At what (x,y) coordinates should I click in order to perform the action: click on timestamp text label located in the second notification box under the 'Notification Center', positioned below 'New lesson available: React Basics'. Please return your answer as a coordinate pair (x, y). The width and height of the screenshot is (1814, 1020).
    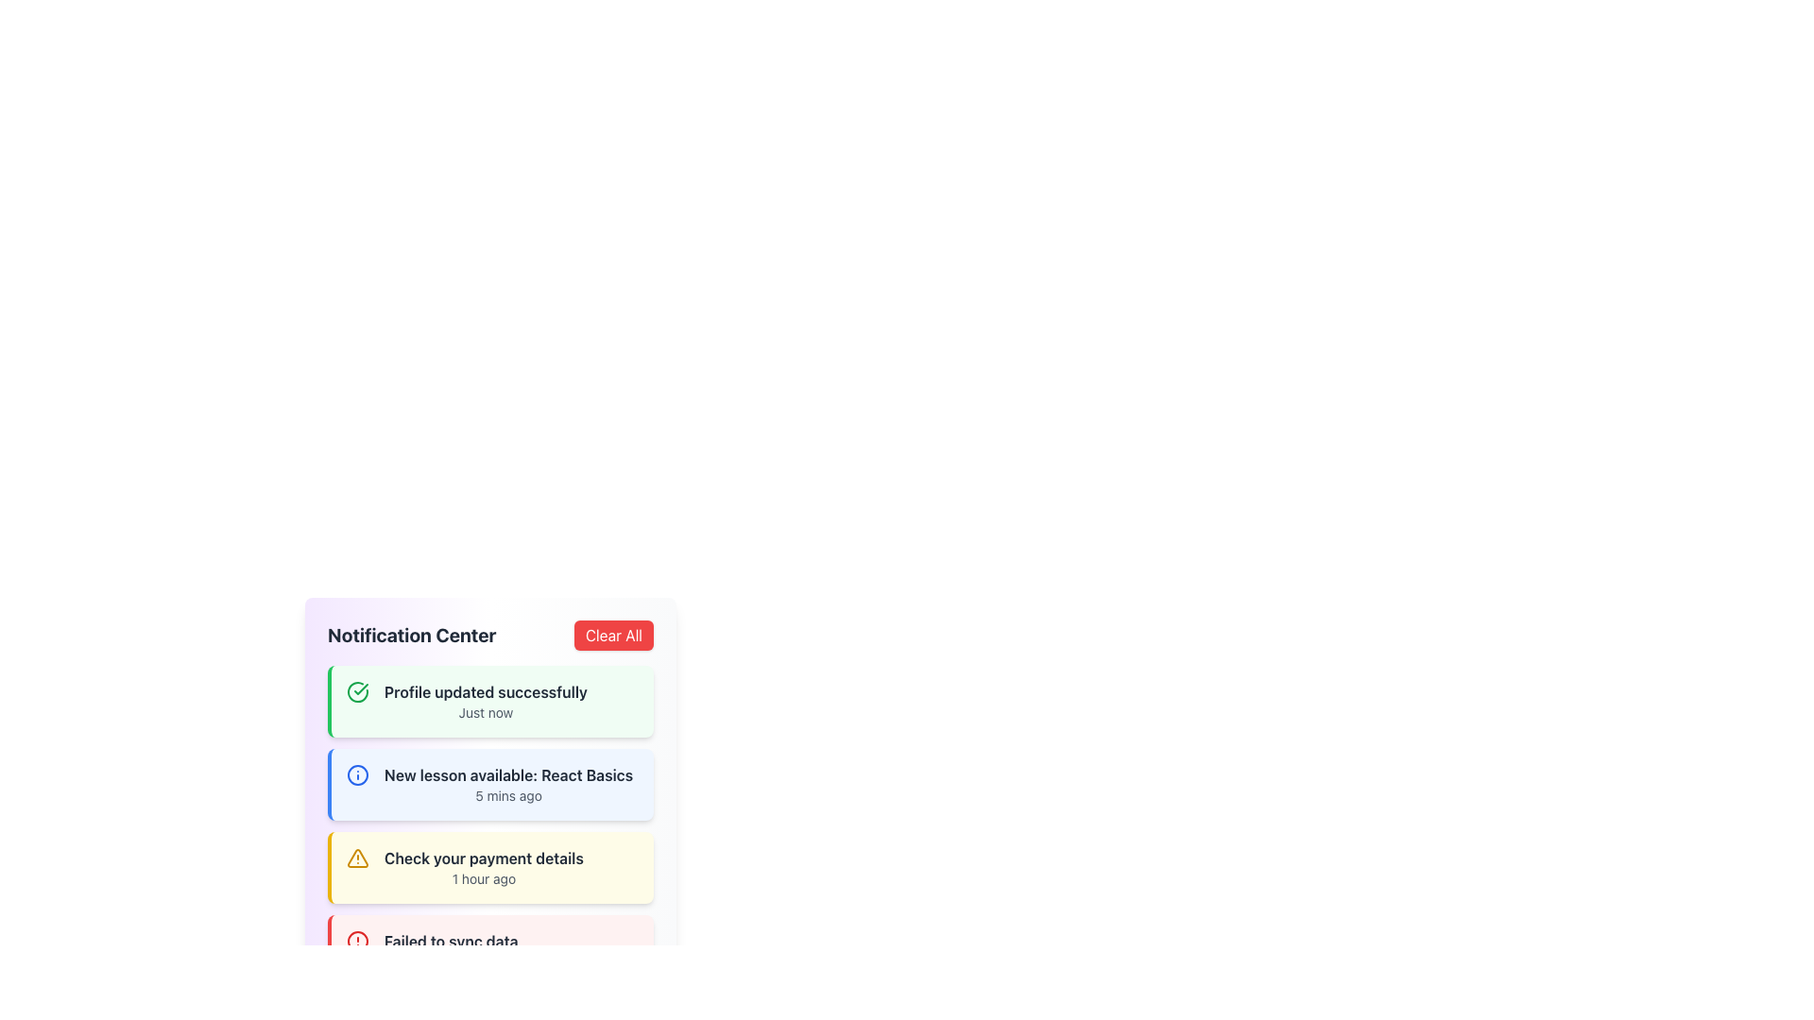
    Looking at the image, I should click on (508, 796).